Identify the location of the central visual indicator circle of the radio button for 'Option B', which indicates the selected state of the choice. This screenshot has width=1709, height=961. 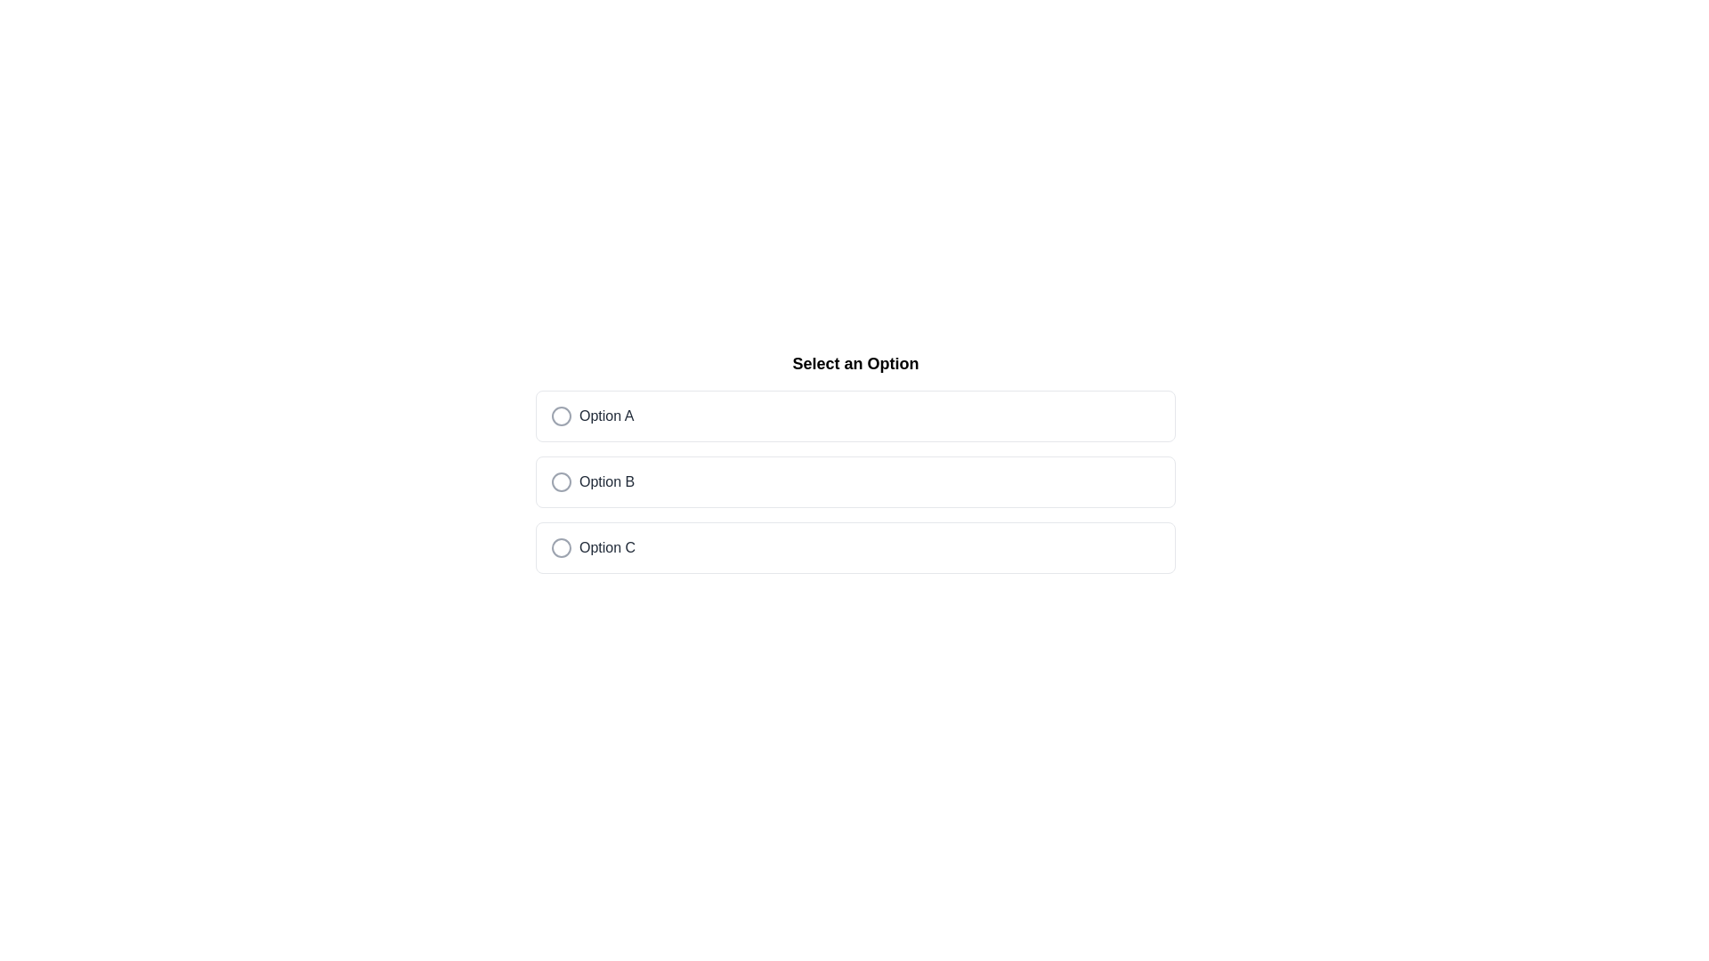
(560, 482).